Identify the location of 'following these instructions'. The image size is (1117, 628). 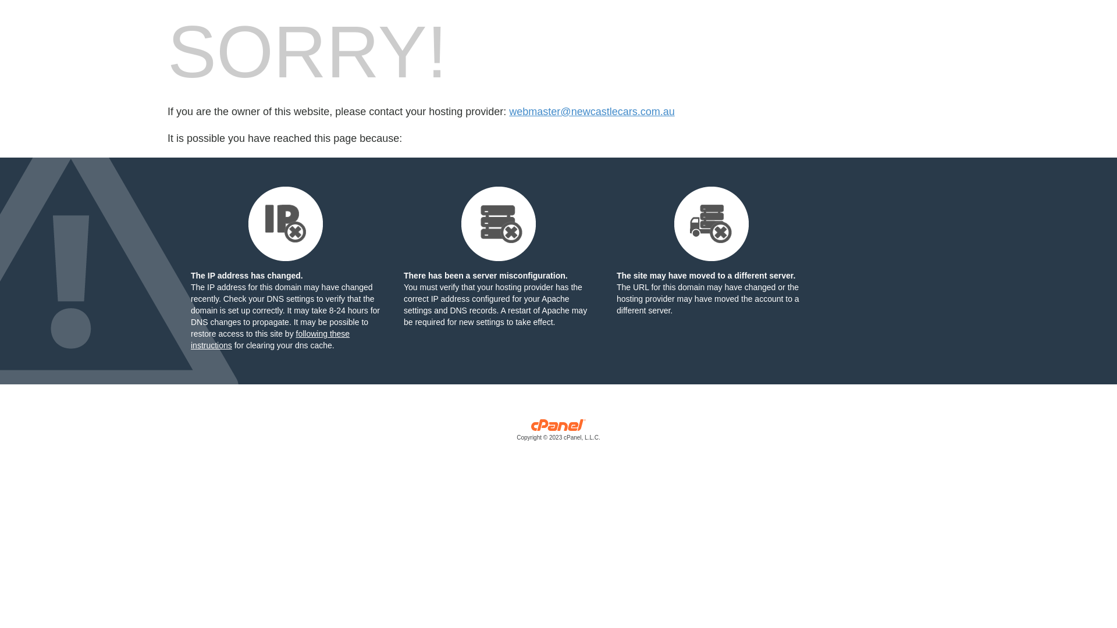
(269, 339).